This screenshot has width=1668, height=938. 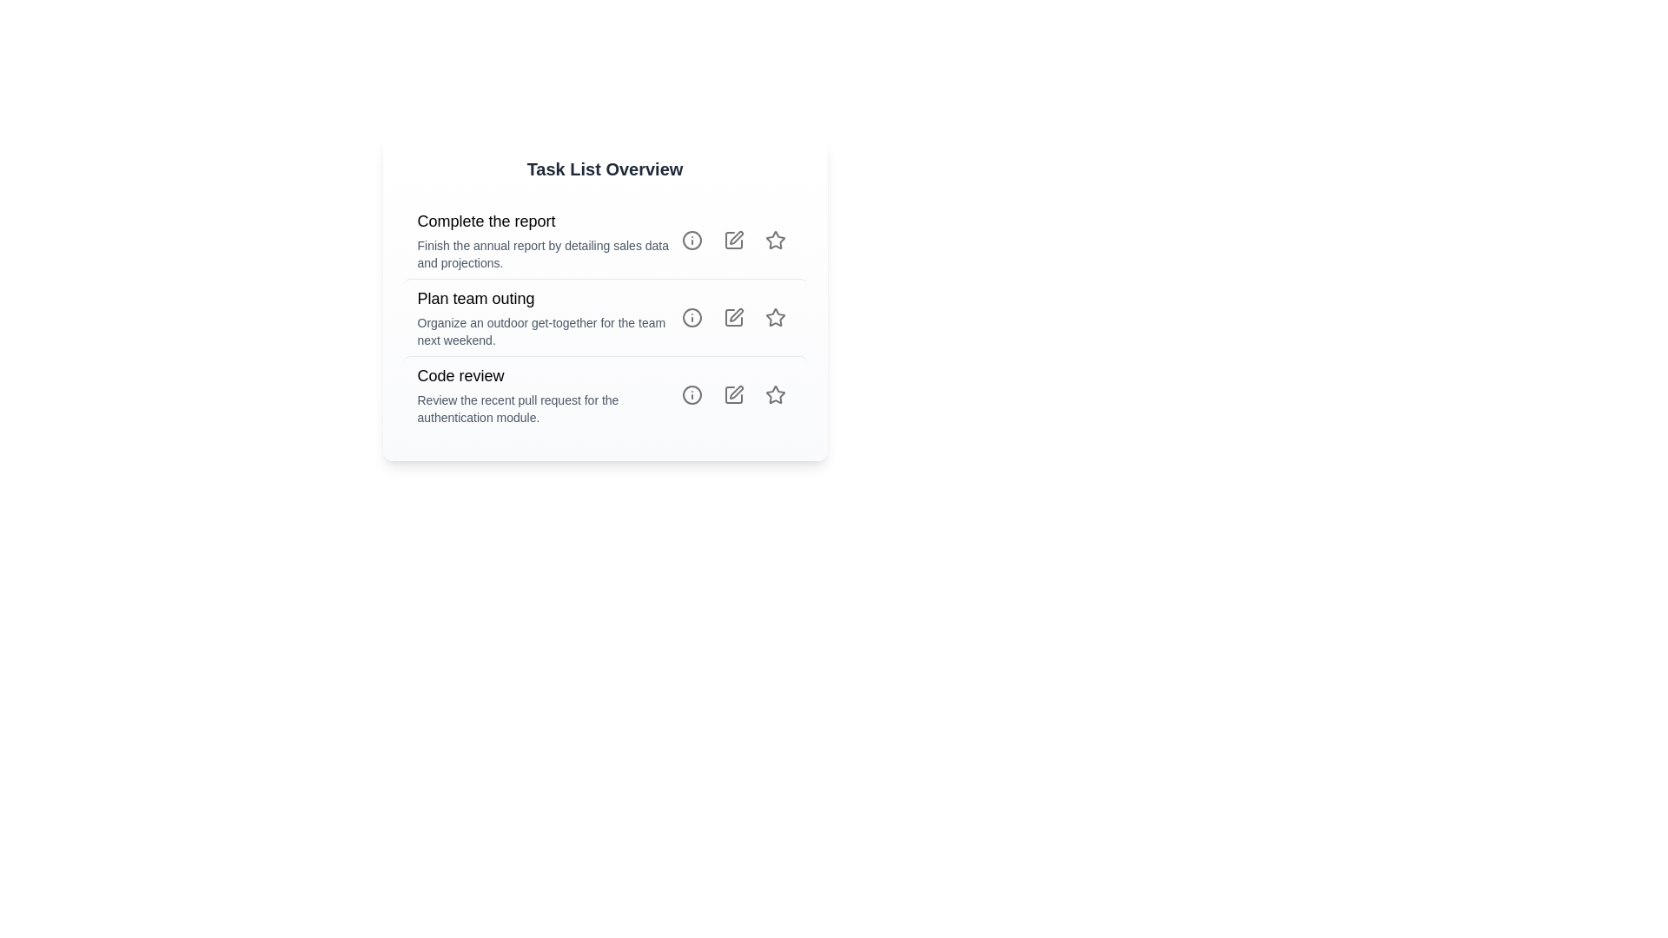 What do you see at coordinates (774, 395) in the screenshot?
I see `the fourth button on the far right of the horizontal layout to favorite the 'Code review' task` at bounding box center [774, 395].